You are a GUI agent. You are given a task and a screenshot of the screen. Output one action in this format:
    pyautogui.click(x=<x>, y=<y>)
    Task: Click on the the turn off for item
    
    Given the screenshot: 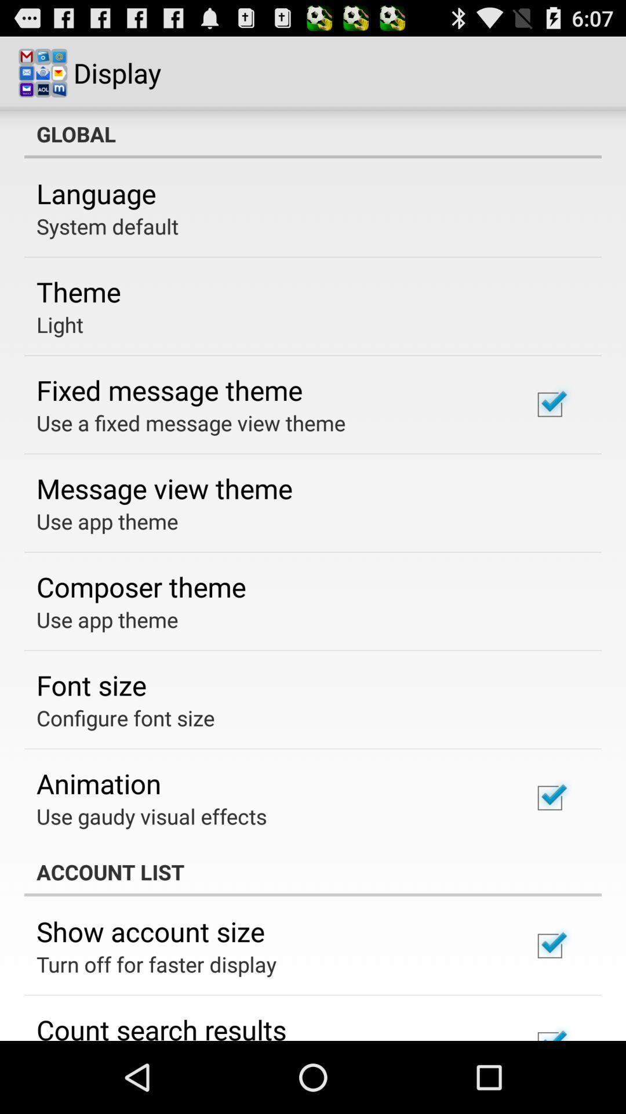 What is the action you would take?
    pyautogui.click(x=156, y=964)
    